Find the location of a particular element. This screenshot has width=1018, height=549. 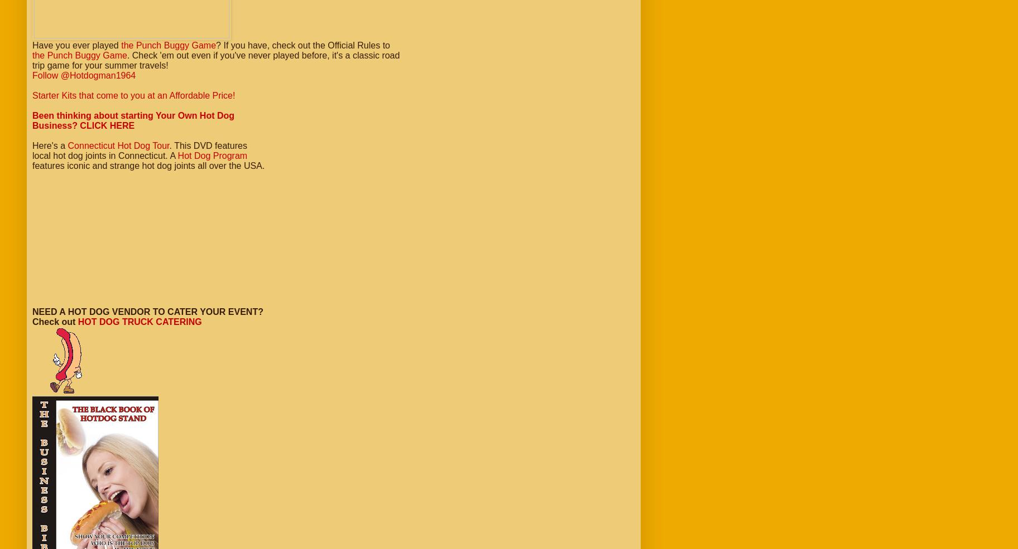

'Hot Dog Program' is located at coordinates (212, 155).